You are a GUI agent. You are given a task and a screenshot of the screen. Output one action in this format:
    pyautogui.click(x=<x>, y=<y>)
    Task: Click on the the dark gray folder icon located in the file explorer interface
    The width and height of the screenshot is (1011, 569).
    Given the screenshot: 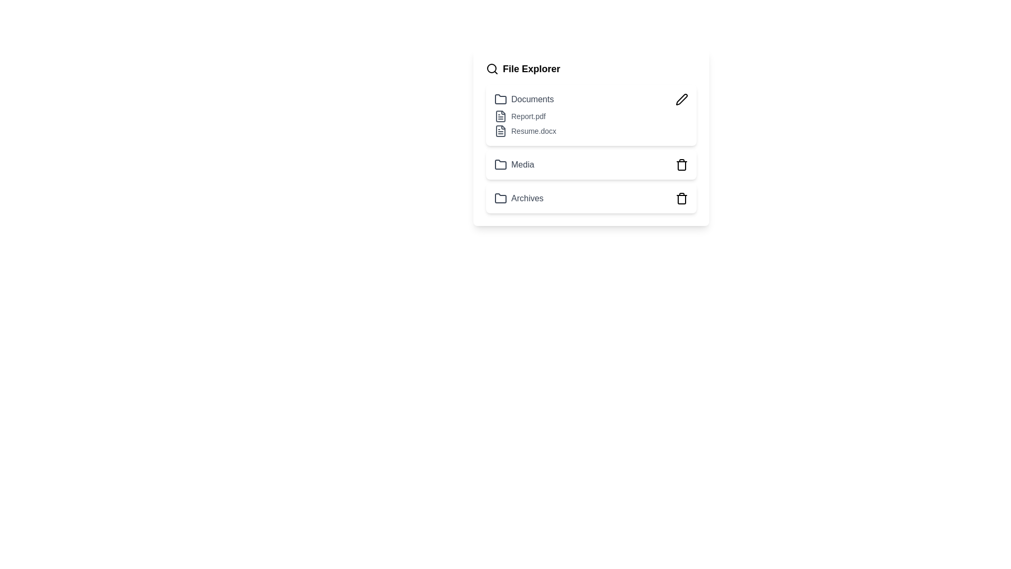 What is the action you would take?
    pyautogui.click(x=500, y=164)
    